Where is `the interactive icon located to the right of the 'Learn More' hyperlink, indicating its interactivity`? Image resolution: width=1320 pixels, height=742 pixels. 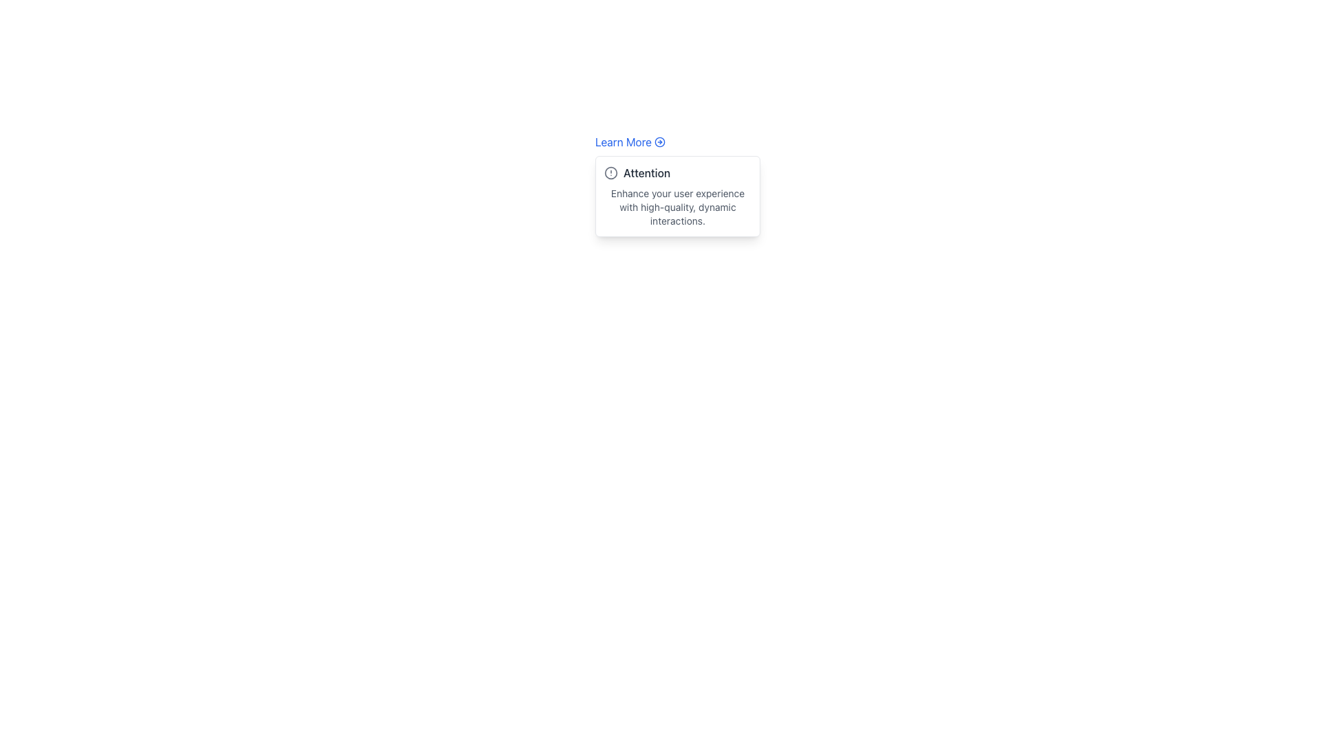
the interactive icon located to the right of the 'Learn More' hyperlink, indicating its interactivity is located at coordinates (660, 142).